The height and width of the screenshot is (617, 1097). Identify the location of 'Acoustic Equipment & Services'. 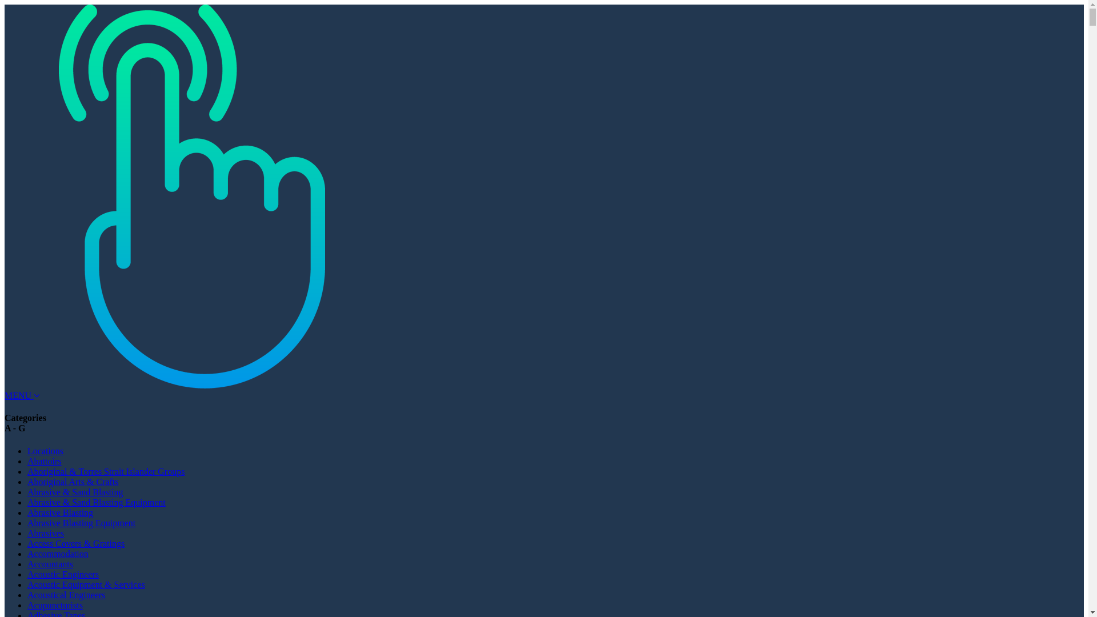
(85, 584).